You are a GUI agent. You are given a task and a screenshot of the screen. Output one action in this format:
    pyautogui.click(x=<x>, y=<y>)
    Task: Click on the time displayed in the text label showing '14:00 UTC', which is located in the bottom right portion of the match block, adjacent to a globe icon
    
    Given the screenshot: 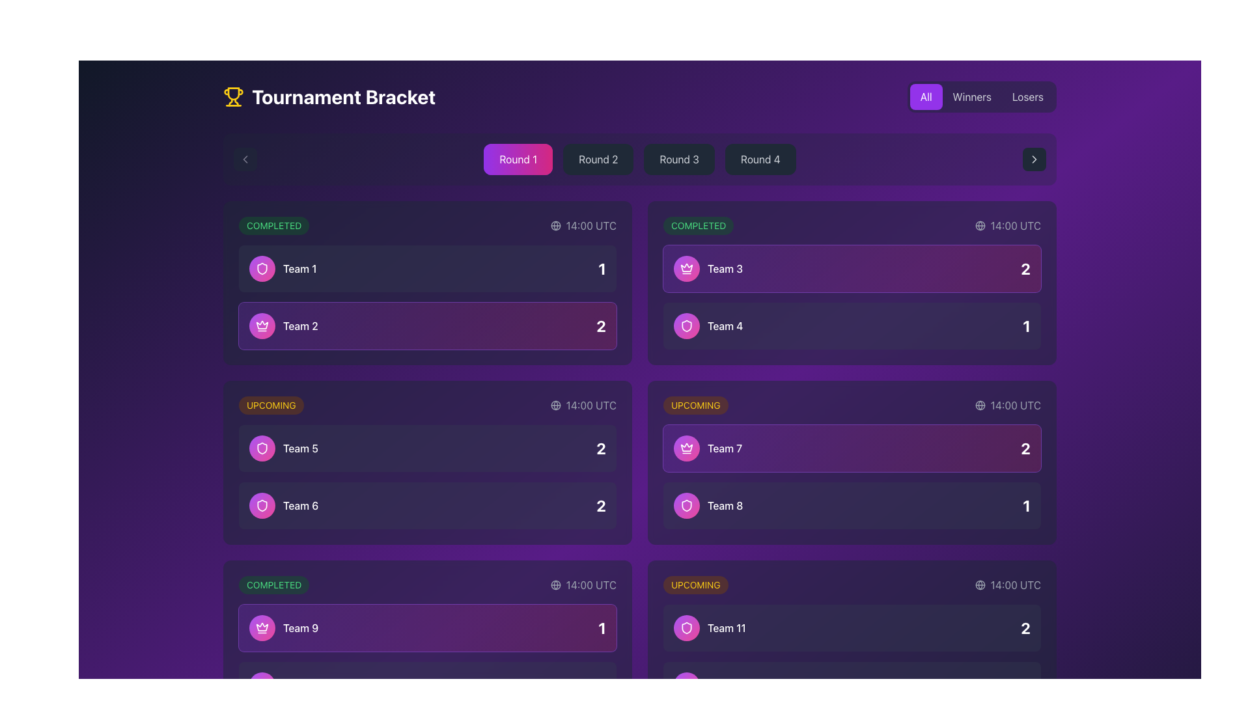 What is the action you would take?
    pyautogui.click(x=1015, y=584)
    